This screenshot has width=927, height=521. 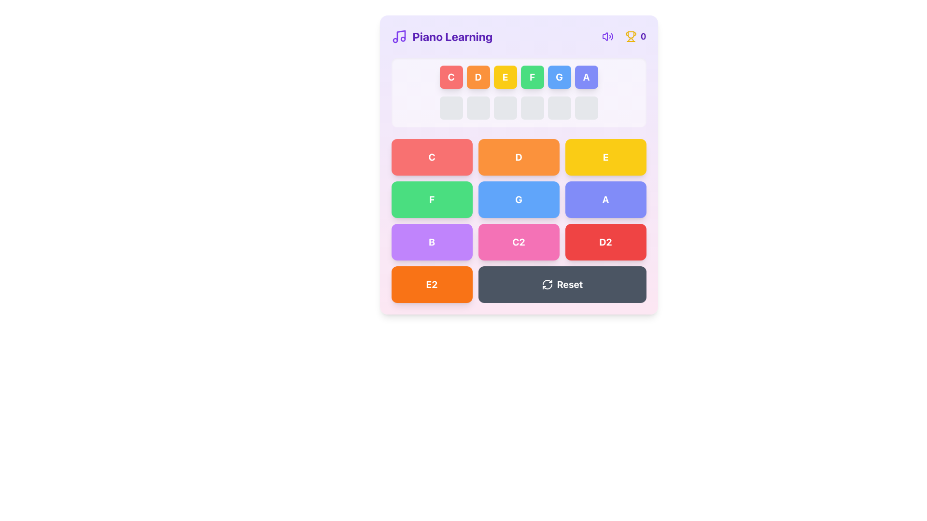 I want to click on the musical note 'C' button, which is the first button in a sequence of colored buttons labeled 'C', 'D', 'E', 'F', 'G', and 'A', located near the top-center of the interface, so click(x=450, y=76).